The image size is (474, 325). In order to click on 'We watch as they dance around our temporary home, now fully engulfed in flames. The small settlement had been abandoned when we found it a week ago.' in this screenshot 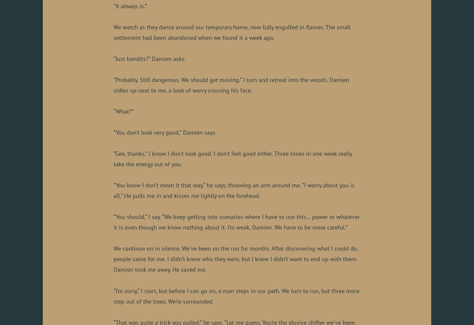, I will do `click(232, 32)`.